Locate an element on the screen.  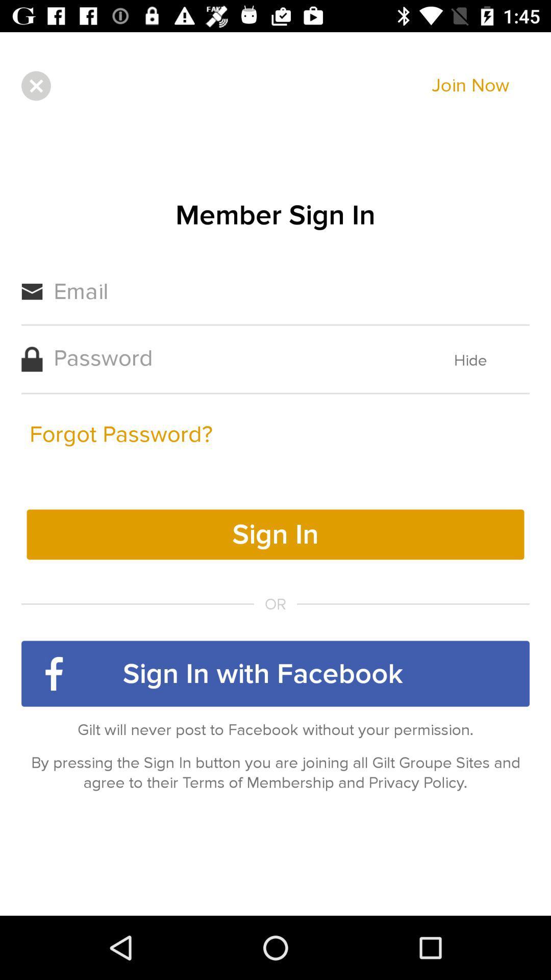
the hide item is located at coordinates (470, 360).